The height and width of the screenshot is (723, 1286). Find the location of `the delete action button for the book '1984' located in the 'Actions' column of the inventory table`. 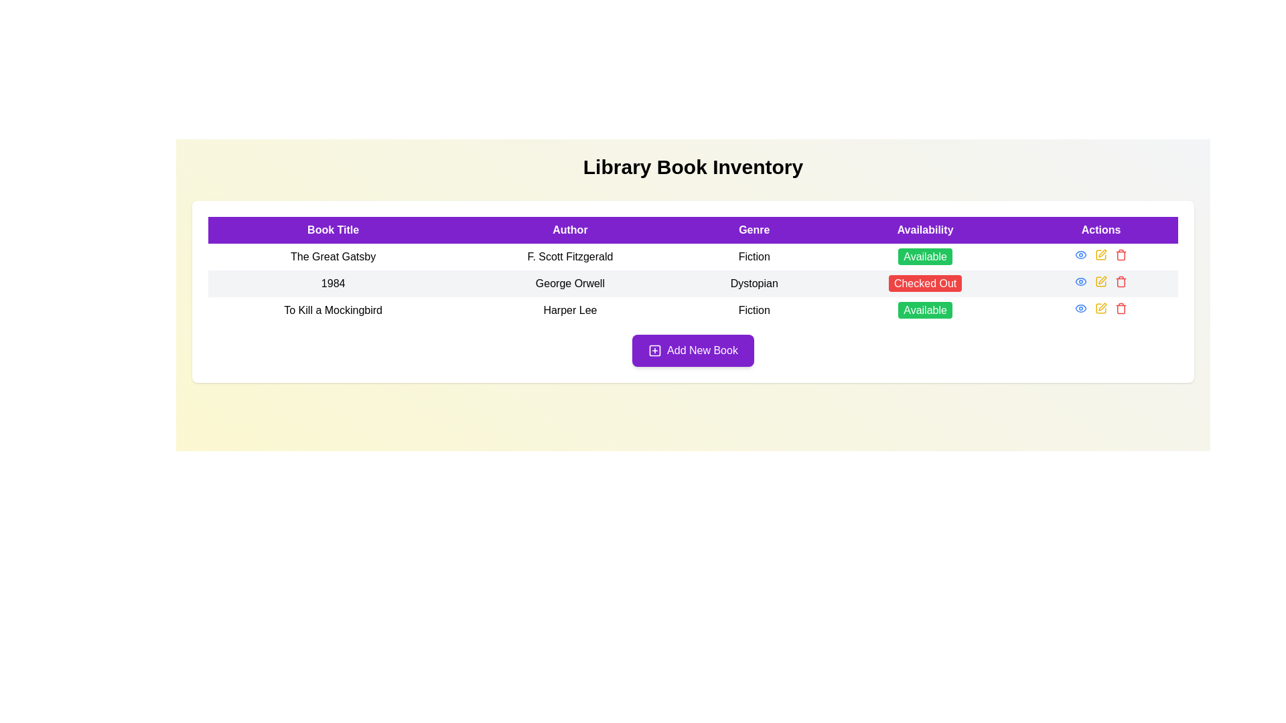

the delete action button for the book '1984' located in the 'Actions' column of the inventory table is located at coordinates (1121, 255).